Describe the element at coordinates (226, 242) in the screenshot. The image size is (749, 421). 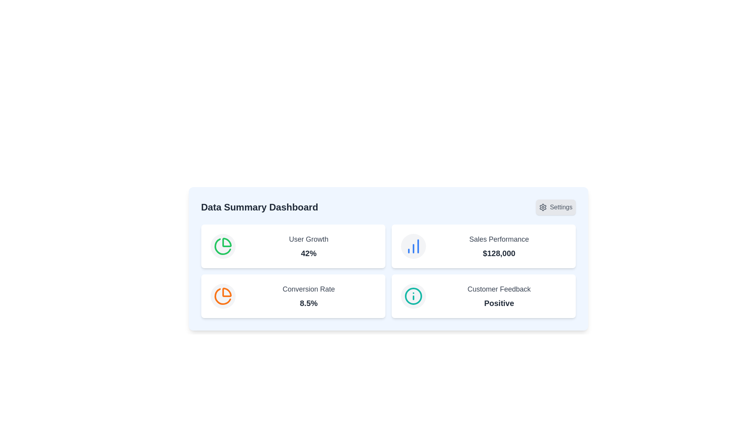
I see `the green and white pie chart icon located to the left of the 'User Growth' label with a percentage value displayed below it in the top-left card of the dashboard grid` at that location.